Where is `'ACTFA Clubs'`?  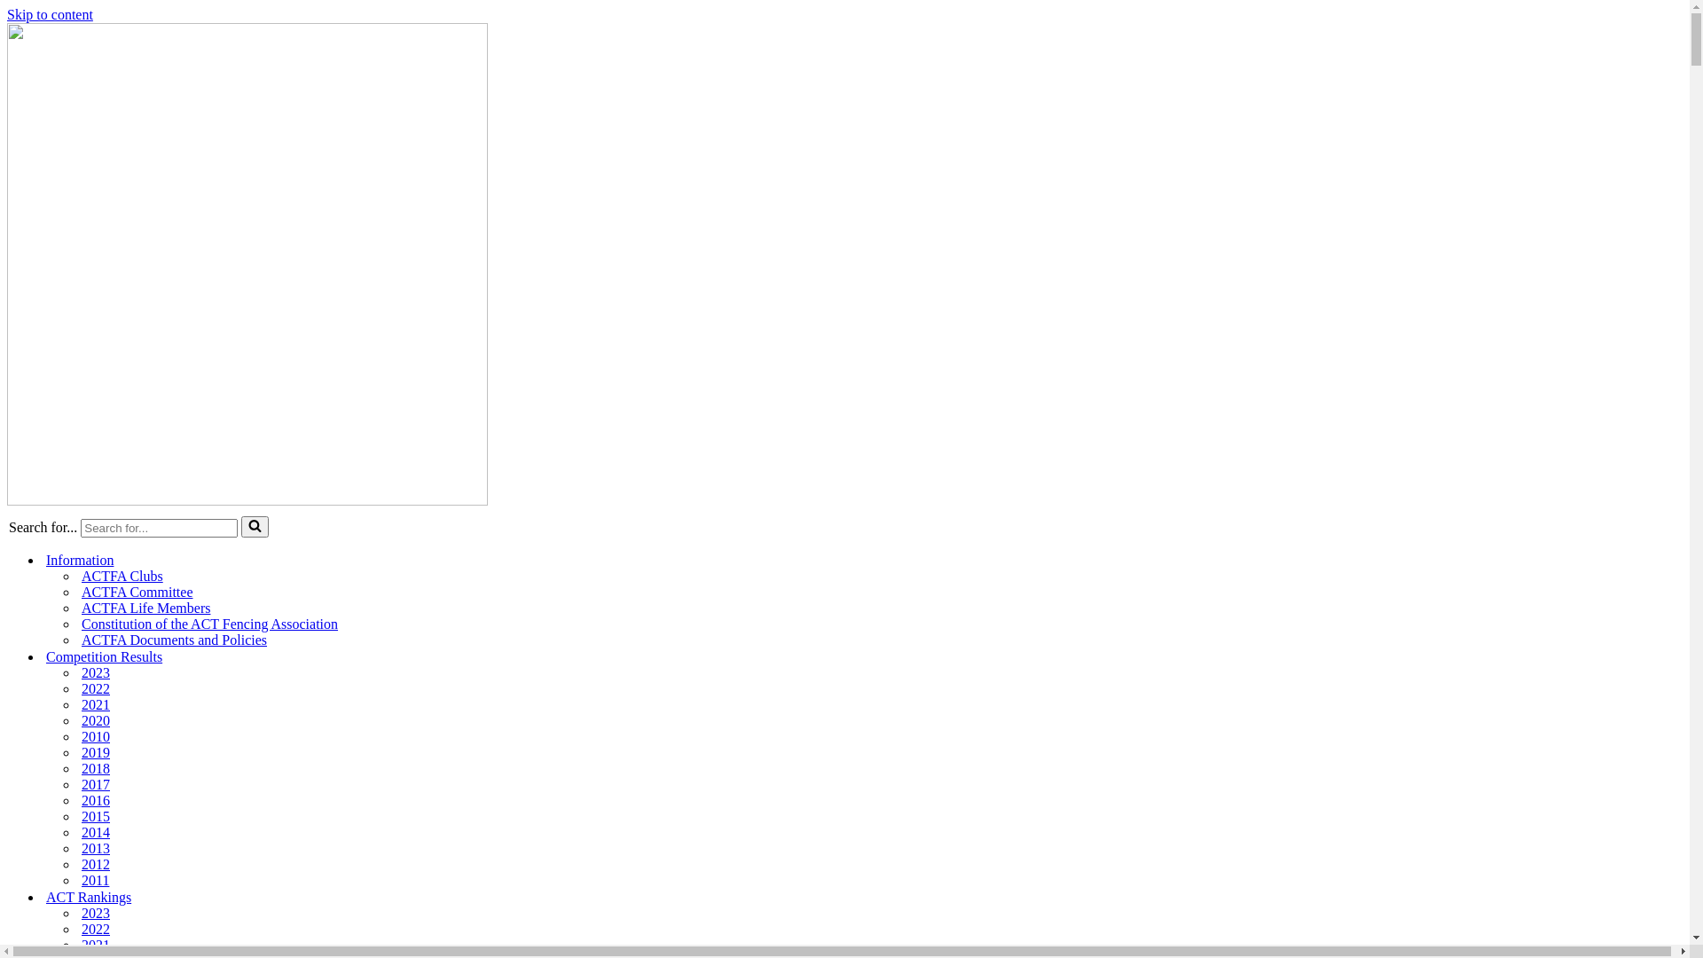 'ACTFA Clubs' is located at coordinates (122, 577).